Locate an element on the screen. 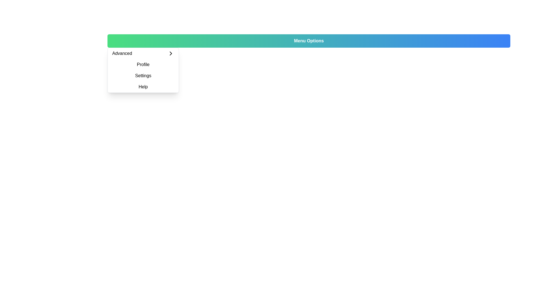 The image size is (536, 301). the right-pointing arrow icon located immediately to the right of the 'Advanced' text in the drop-down menu is located at coordinates (170, 54).